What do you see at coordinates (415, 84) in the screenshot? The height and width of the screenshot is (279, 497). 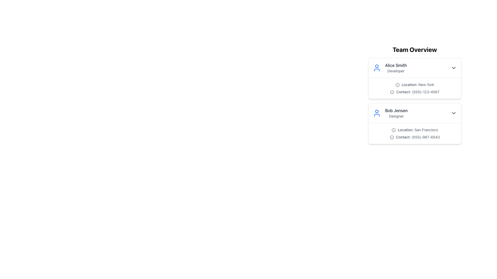 I see `the Text Display element that shows the location of Alice Smith, positioned below the header 'Alice Smith Developer'` at bounding box center [415, 84].